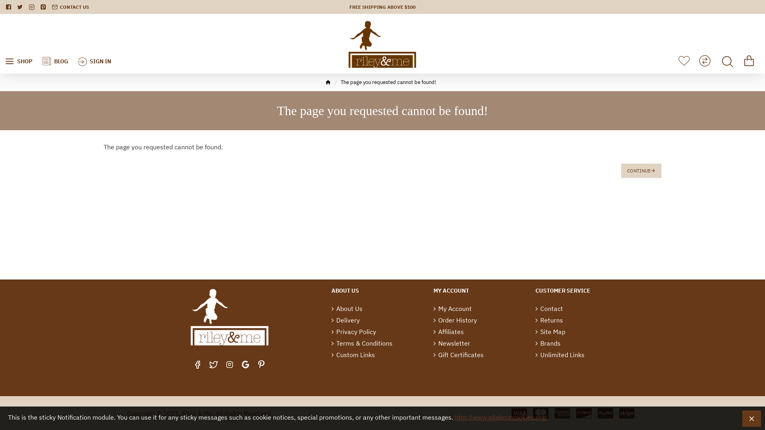  Describe the element at coordinates (382, 7) in the screenshot. I see `'FREE SHIPPING ABOVE $100'` at that location.